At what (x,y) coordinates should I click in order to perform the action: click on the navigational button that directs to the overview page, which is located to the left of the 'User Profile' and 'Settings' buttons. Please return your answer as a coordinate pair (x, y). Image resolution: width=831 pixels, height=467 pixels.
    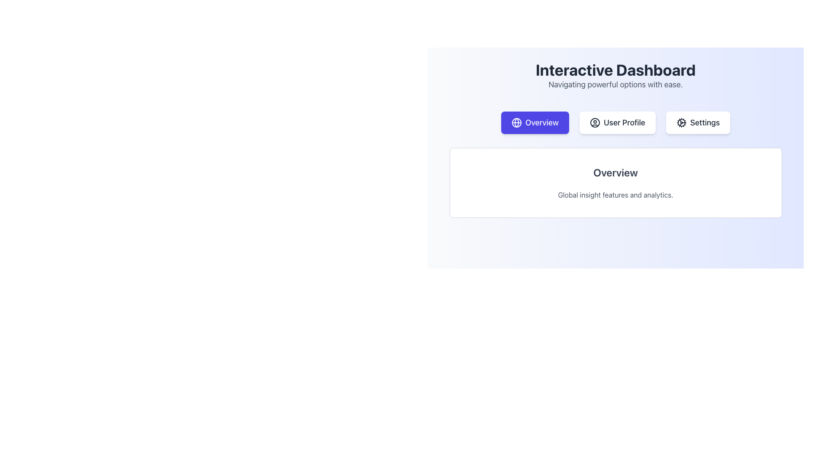
    Looking at the image, I should click on (535, 123).